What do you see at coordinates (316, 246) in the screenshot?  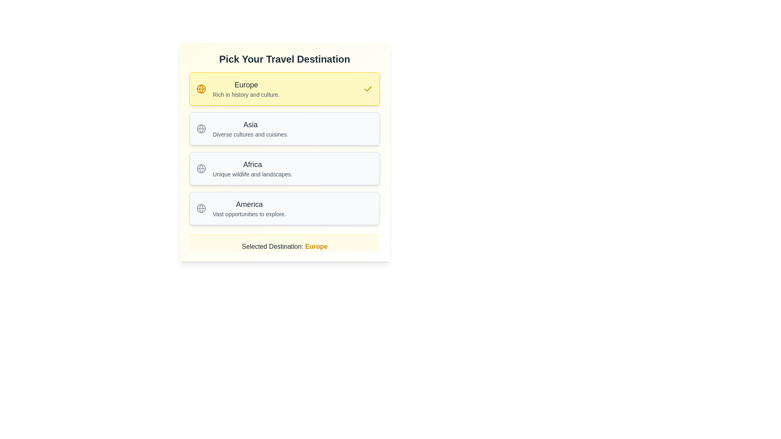 I see `the highlighted text label indicating the selected travel destination located near the bottom center of the interface in the 'Selected Destination' section` at bounding box center [316, 246].